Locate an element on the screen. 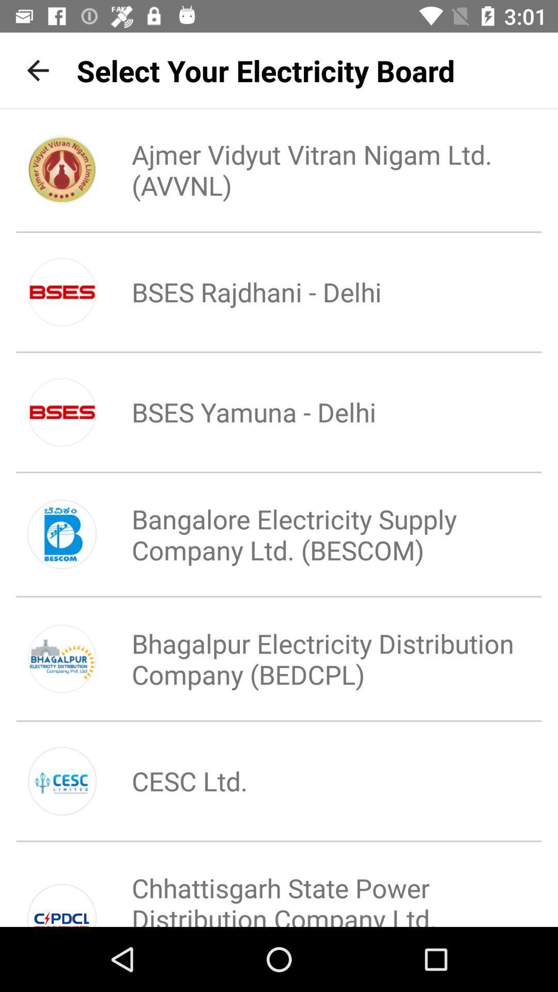 Image resolution: width=558 pixels, height=992 pixels. the chhattisgarh state power is located at coordinates (313, 889).